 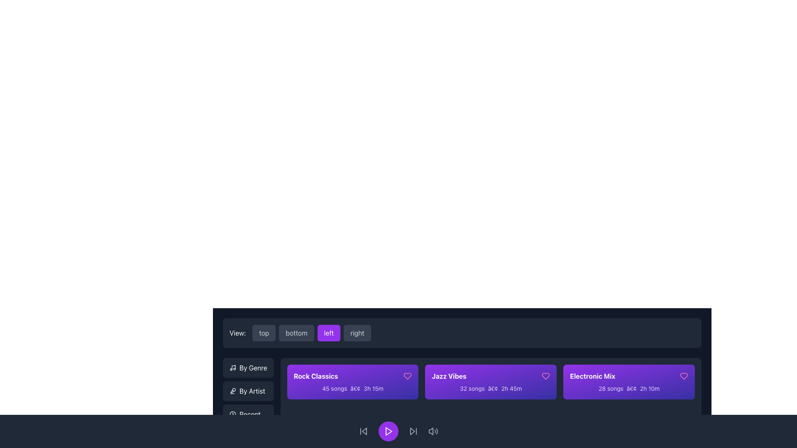 I want to click on the distinct pink triangular play button icon located at the bottom center of the interface, so click(x=388, y=431).